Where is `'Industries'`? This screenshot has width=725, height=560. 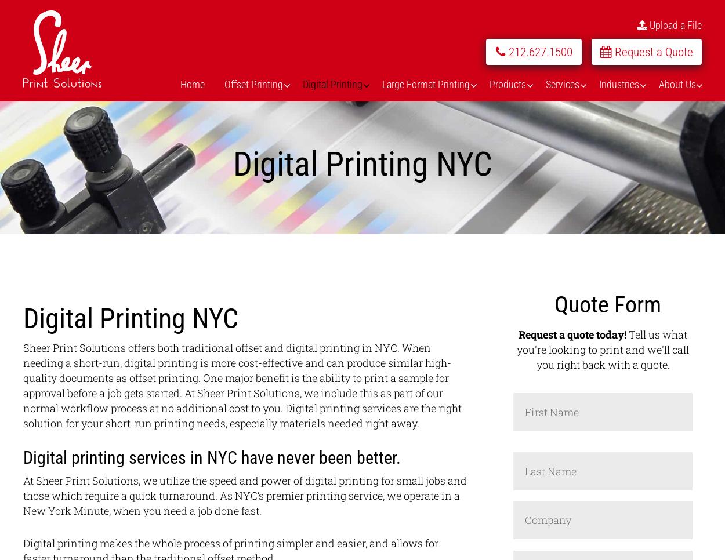 'Industries' is located at coordinates (618, 83).